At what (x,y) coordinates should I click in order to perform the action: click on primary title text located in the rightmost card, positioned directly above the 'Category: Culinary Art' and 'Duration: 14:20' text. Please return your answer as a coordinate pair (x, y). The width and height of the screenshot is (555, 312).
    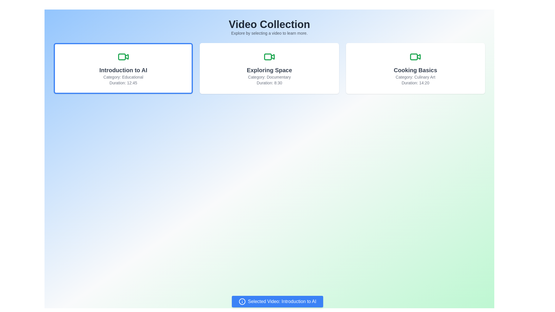
    Looking at the image, I should click on (415, 70).